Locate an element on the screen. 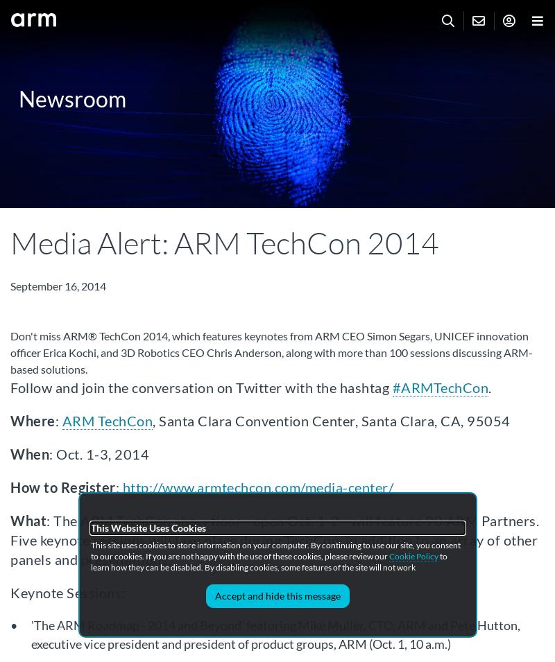 This screenshot has width=555, height=662. ': Oct. 1-3, 2014' is located at coordinates (99, 453).